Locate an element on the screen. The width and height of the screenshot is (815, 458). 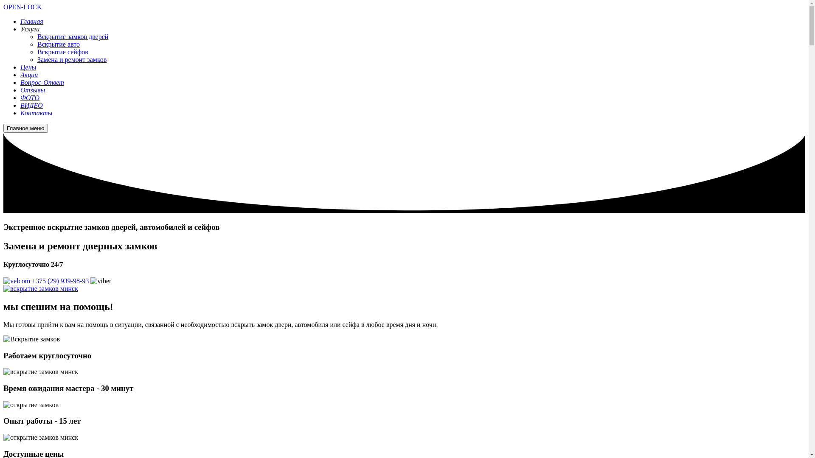
'OPEN-LOCK' is located at coordinates (3, 7).